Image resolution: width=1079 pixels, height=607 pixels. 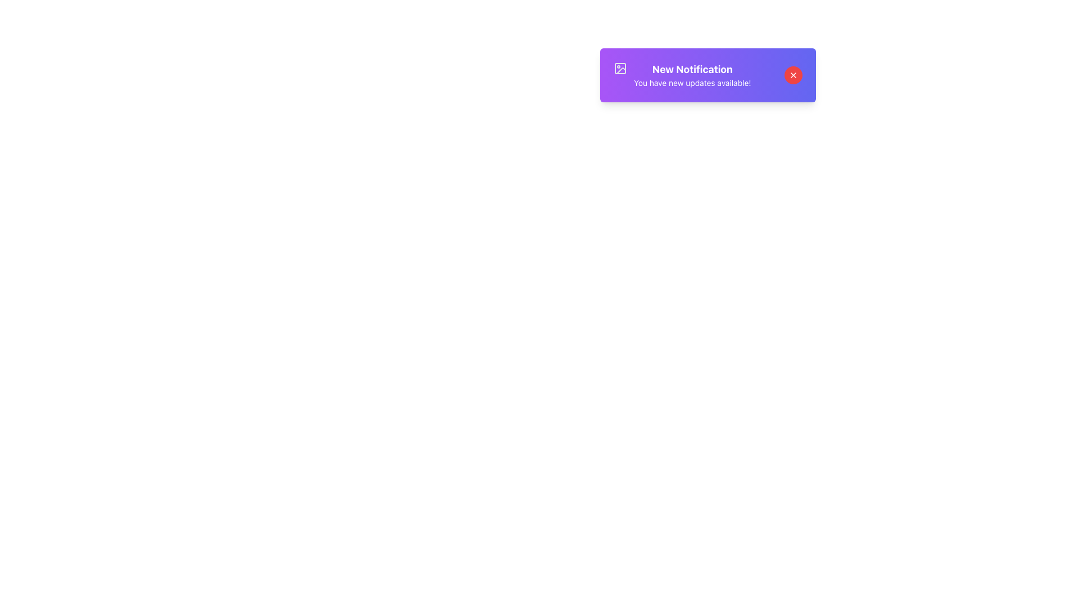 I want to click on the icon with a picture-like design located on the leftmost side of the notification component adjacent to the text 'New Notification', so click(x=620, y=69).